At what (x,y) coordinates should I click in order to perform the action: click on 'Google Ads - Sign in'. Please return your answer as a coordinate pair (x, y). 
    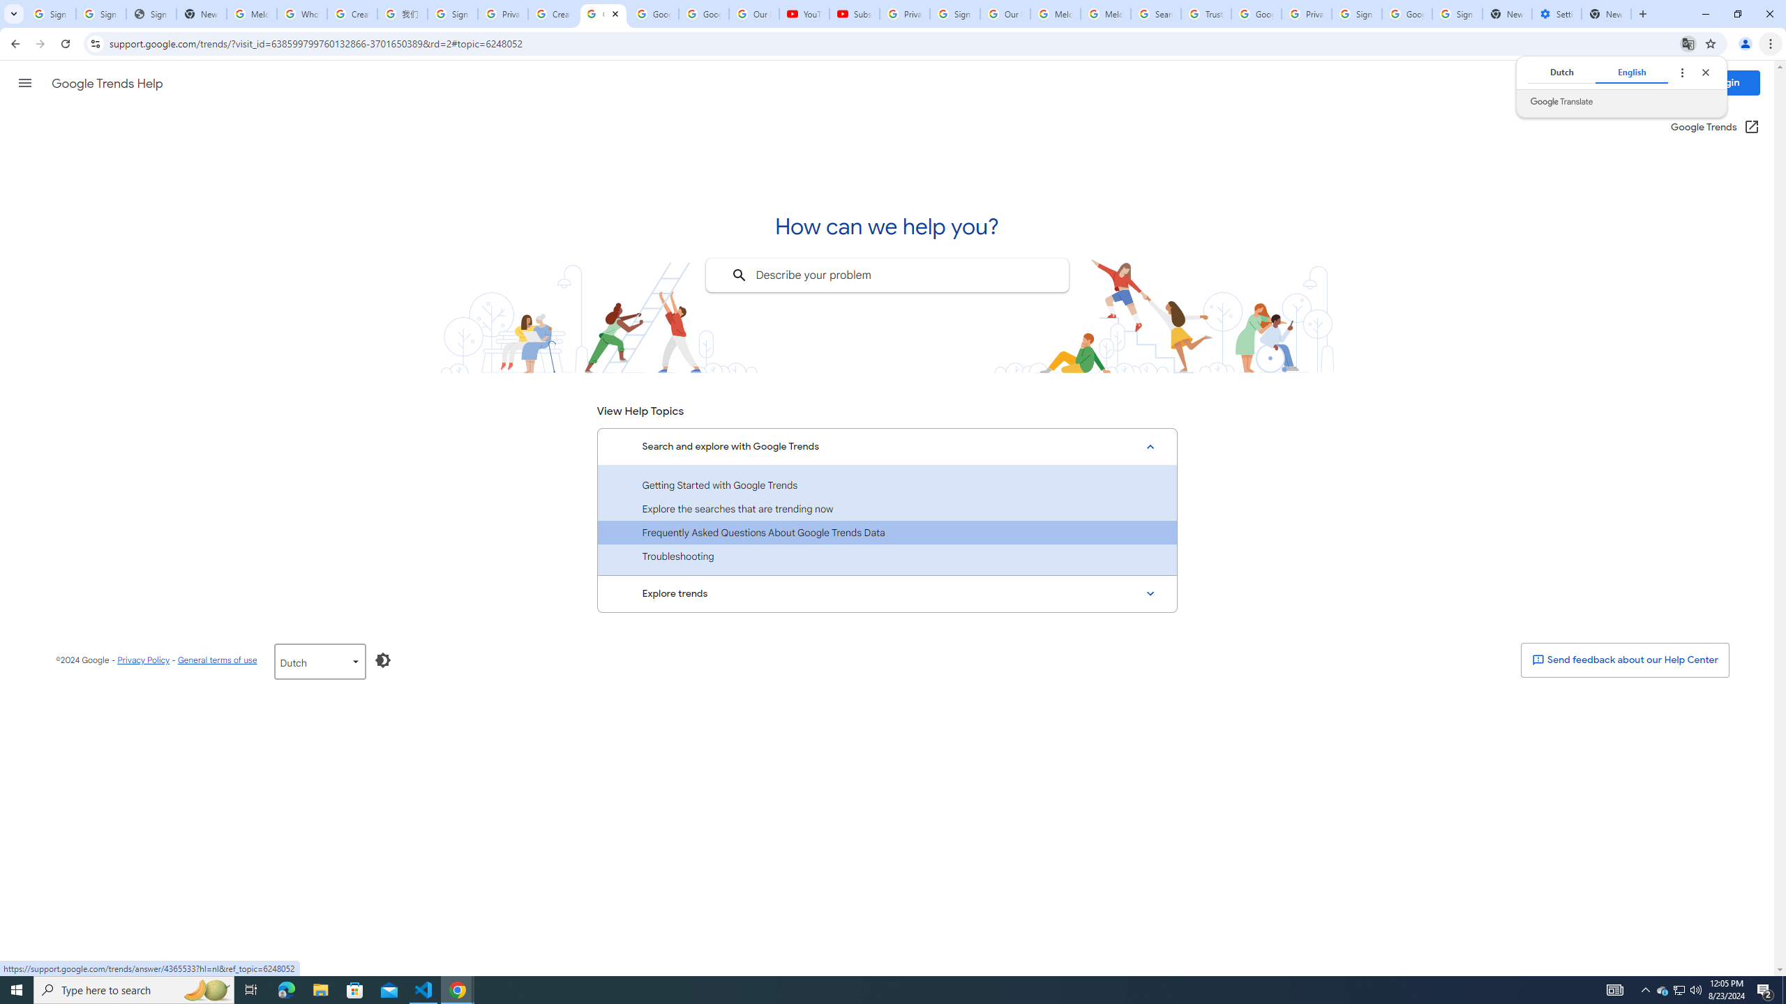
    Looking at the image, I should click on (1255, 13).